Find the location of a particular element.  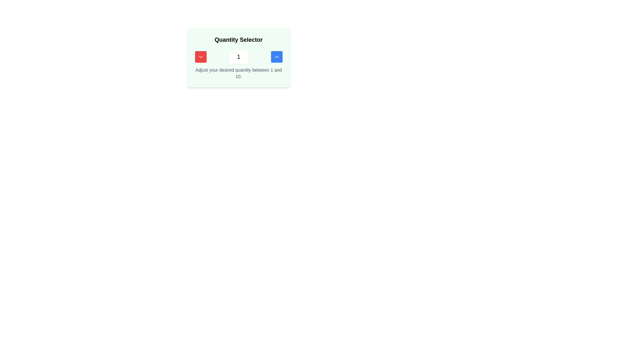

the button for decreasing the quantity value in the quantity selection interface is located at coordinates (200, 57).